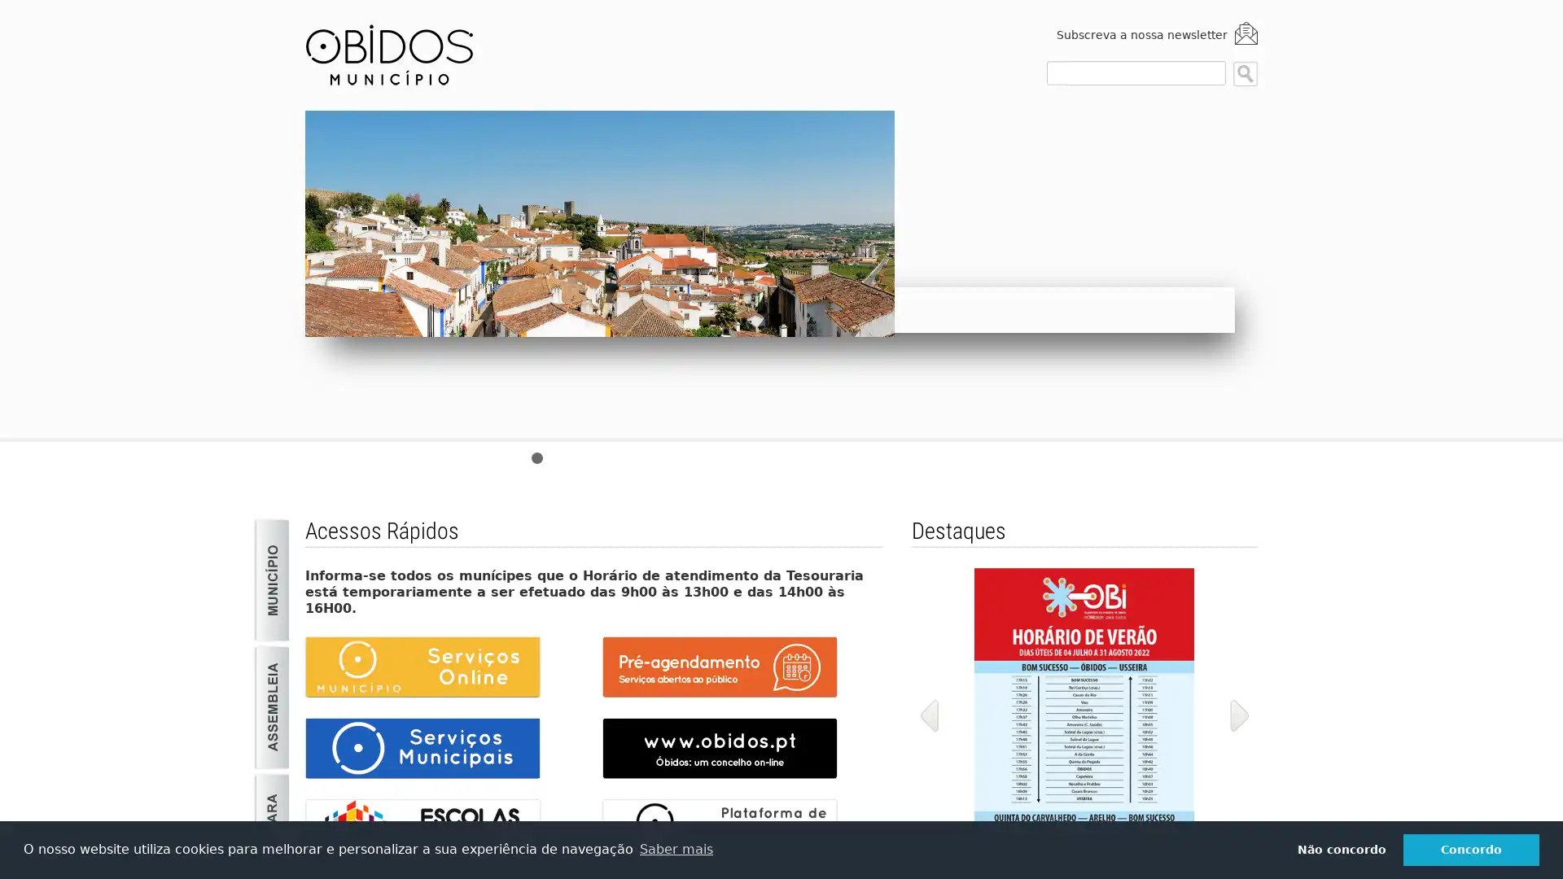 The height and width of the screenshot is (879, 1563). What do you see at coordinates (1341, 849) in the screenshot?
I see `deny cookies` at bounding box center [1341, 849].